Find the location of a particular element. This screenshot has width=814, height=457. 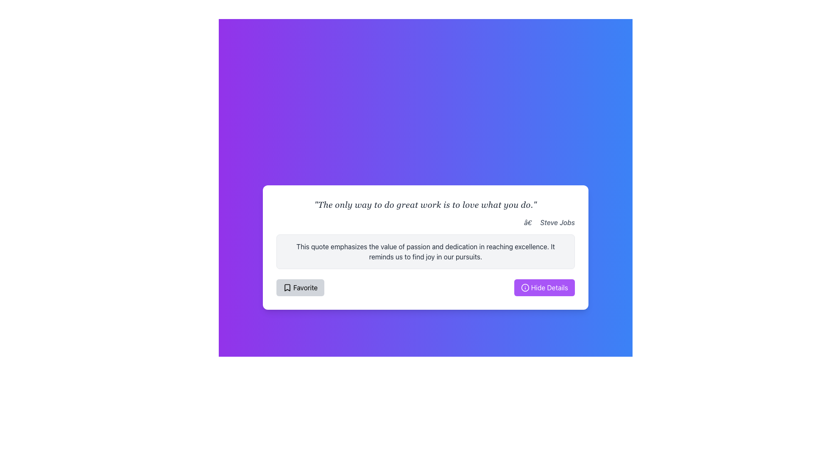

the static text element that reads 'This quote emphasizes the value of passion and dedication in reaching excellence.' is located at coordinates (425, 251).